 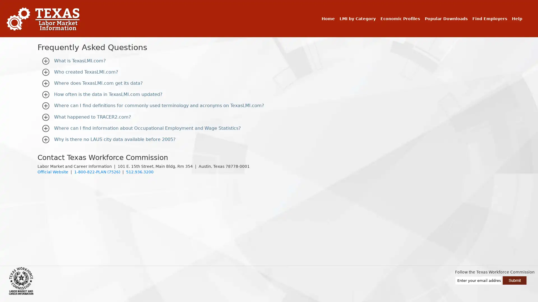 I want to click on How often is the data in TexasLMI.com updated?, so click(x=268, y=94).